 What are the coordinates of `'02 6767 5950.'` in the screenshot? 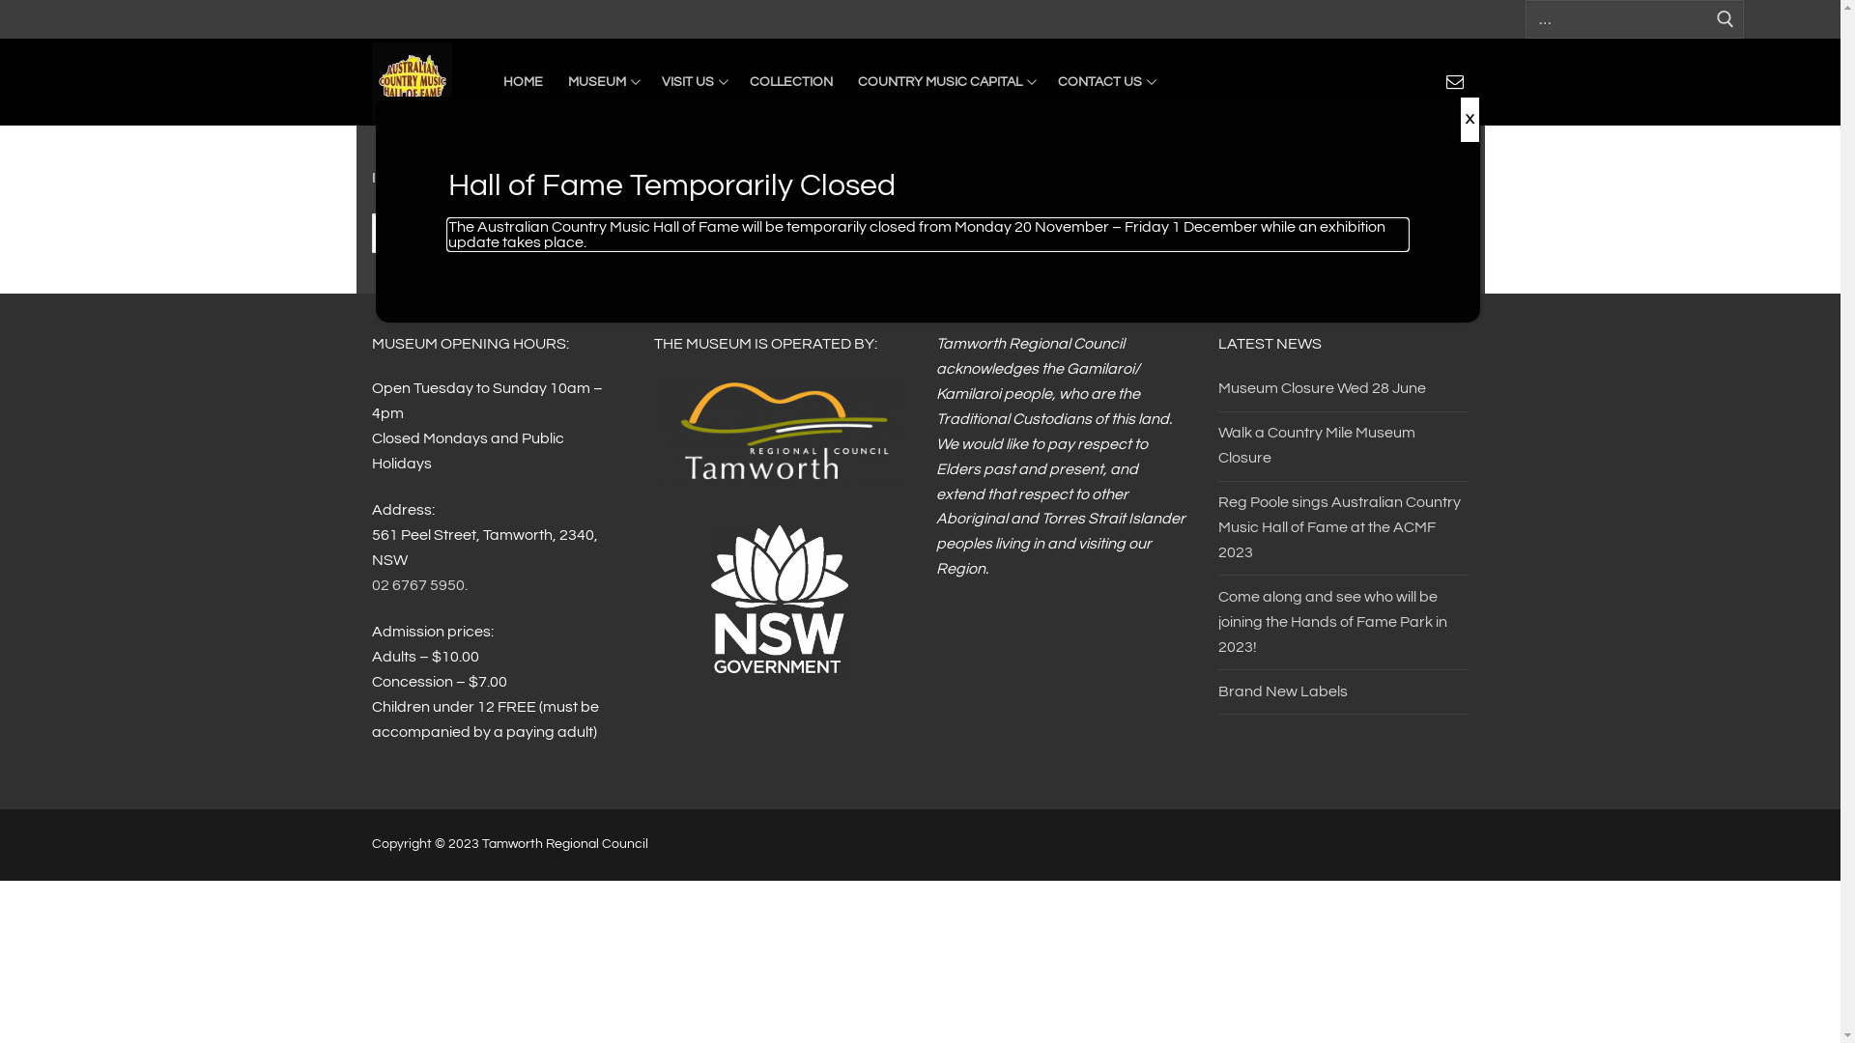 It's located at (417, 583).